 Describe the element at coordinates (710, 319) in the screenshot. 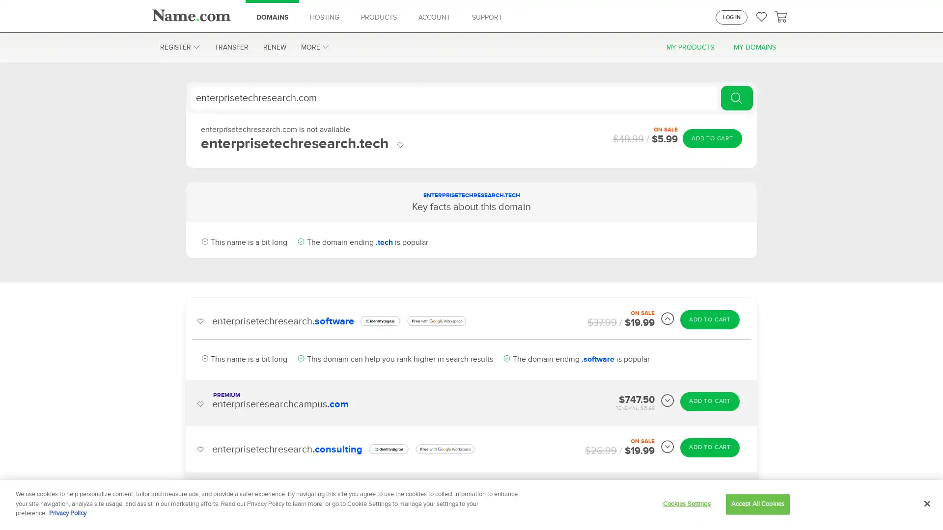

I see `ADD TO CART` at that location.